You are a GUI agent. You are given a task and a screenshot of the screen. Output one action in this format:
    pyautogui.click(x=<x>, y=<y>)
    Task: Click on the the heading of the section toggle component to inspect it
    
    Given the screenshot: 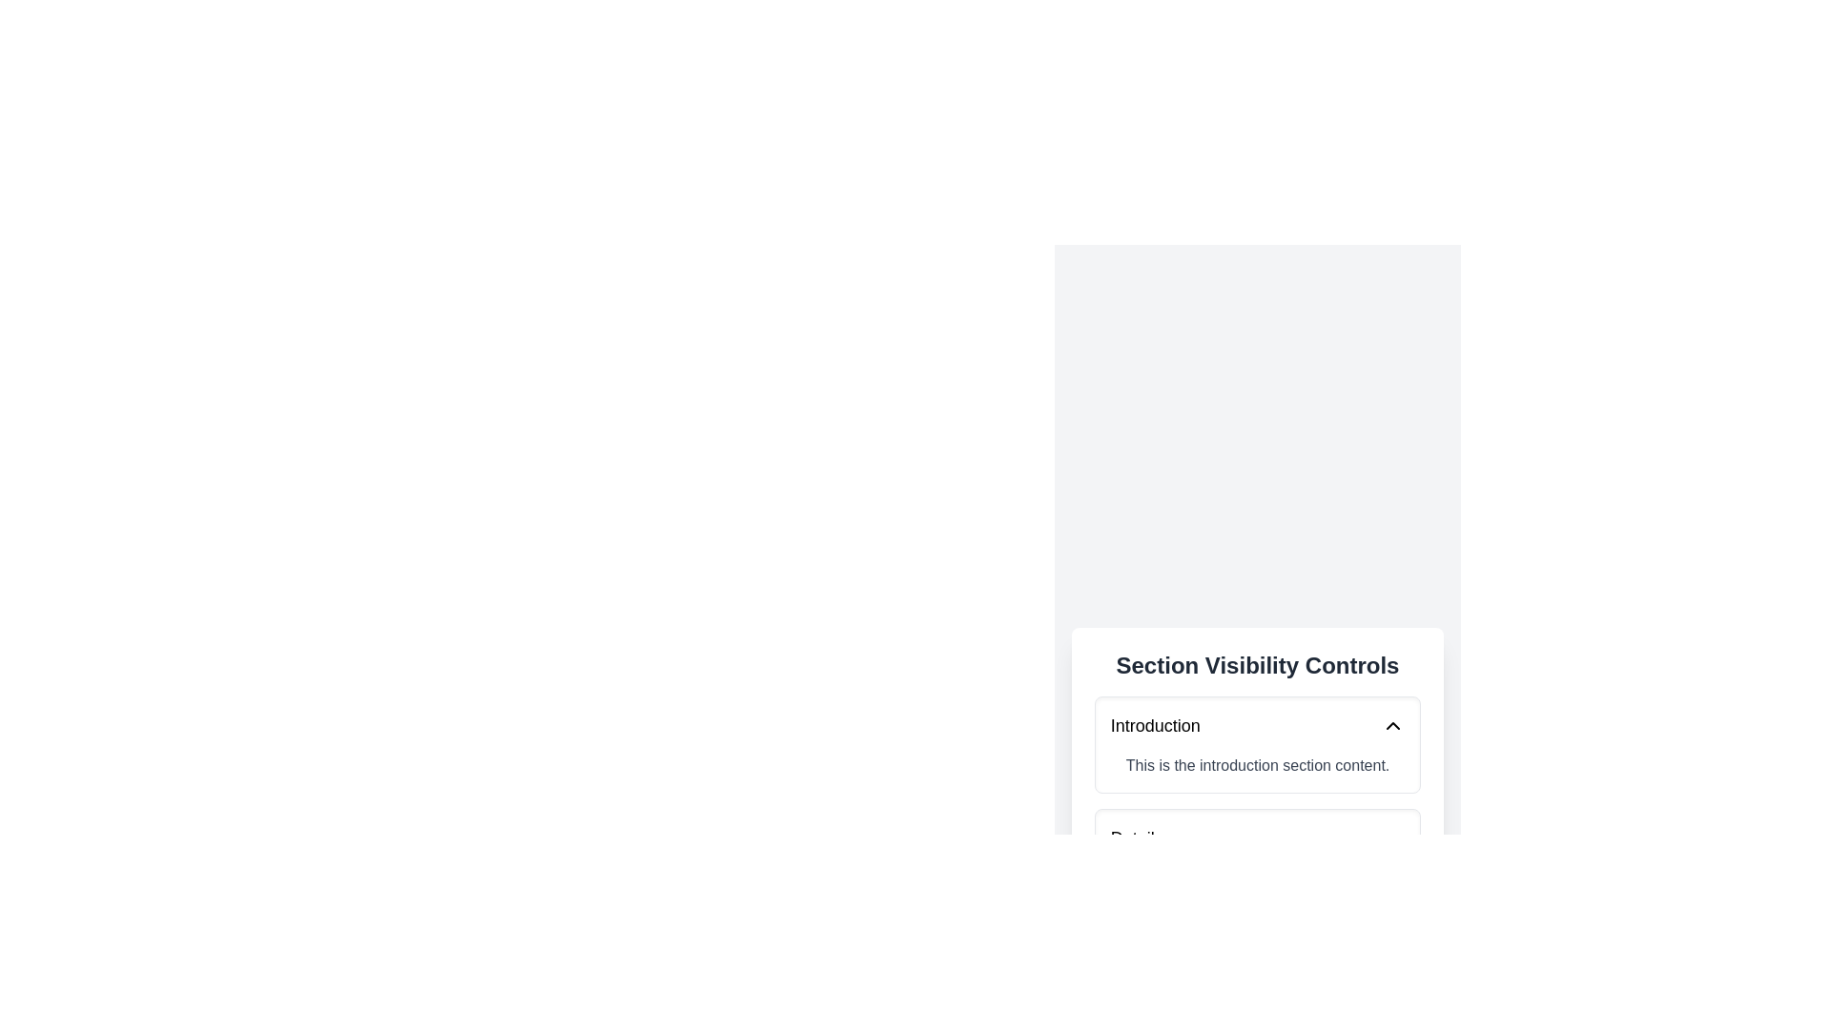 What is the action you would take?
    pyautogui.click(x=1258, y=664)
    